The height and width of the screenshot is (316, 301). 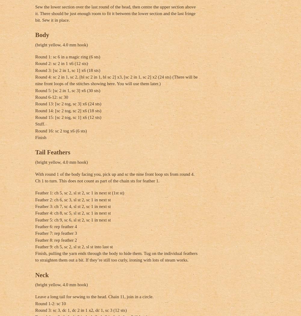 What do you see at coordinates (42, 274) in the screenshot?
I see `'Neck'` at bounding box center [42, 274].